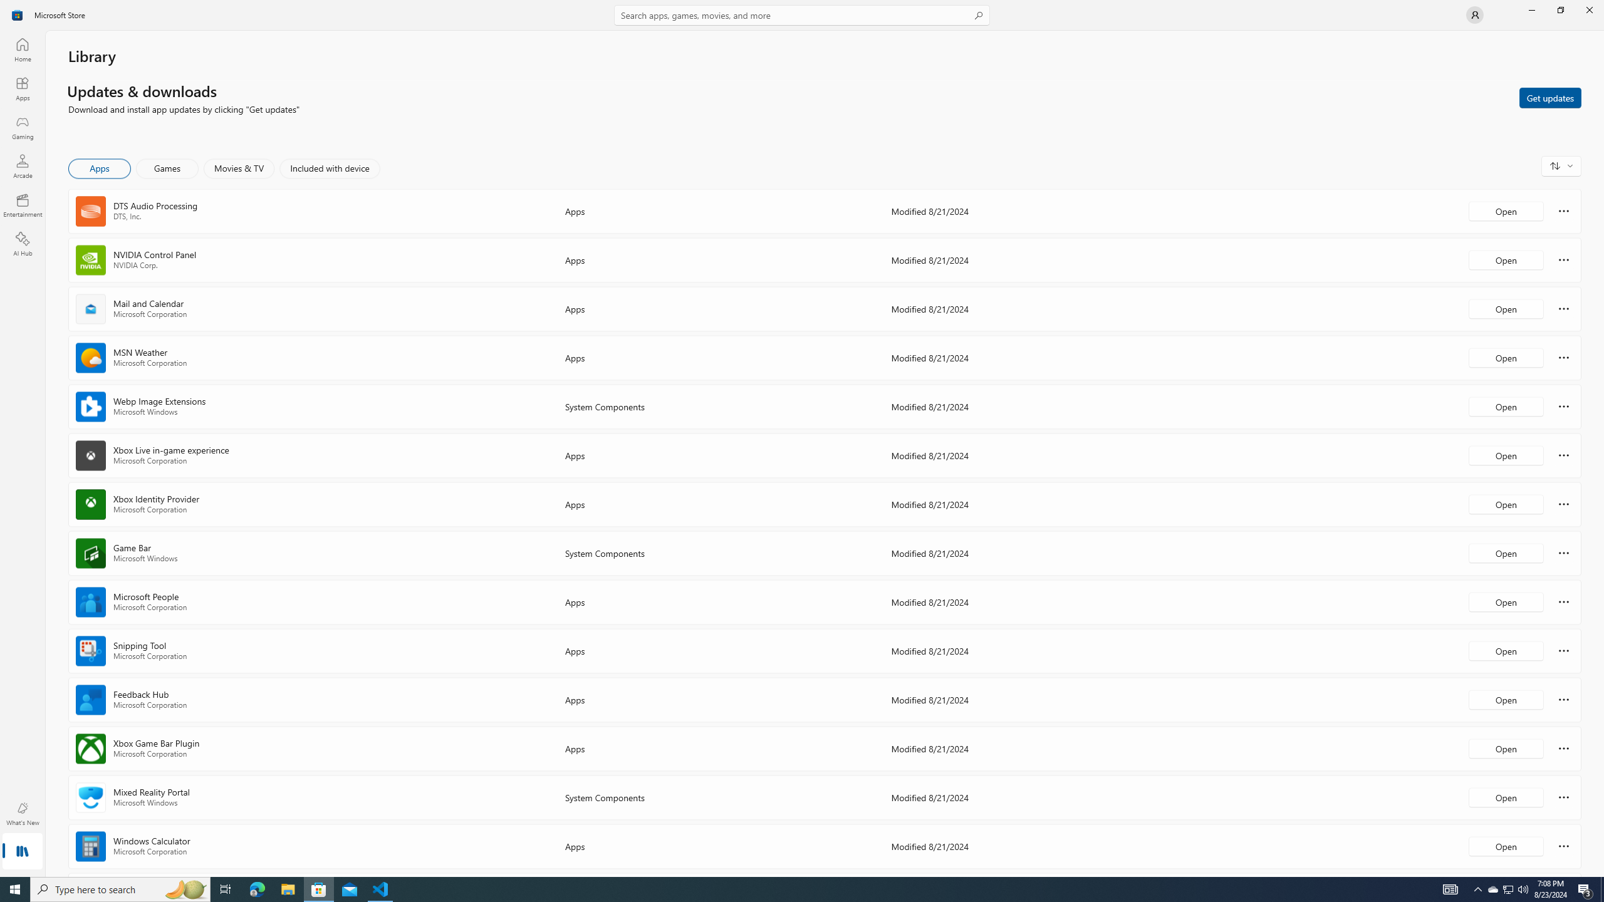  Describe the element at coordinates (167, 168) in the screenshot. I see `'Games'` at that location.